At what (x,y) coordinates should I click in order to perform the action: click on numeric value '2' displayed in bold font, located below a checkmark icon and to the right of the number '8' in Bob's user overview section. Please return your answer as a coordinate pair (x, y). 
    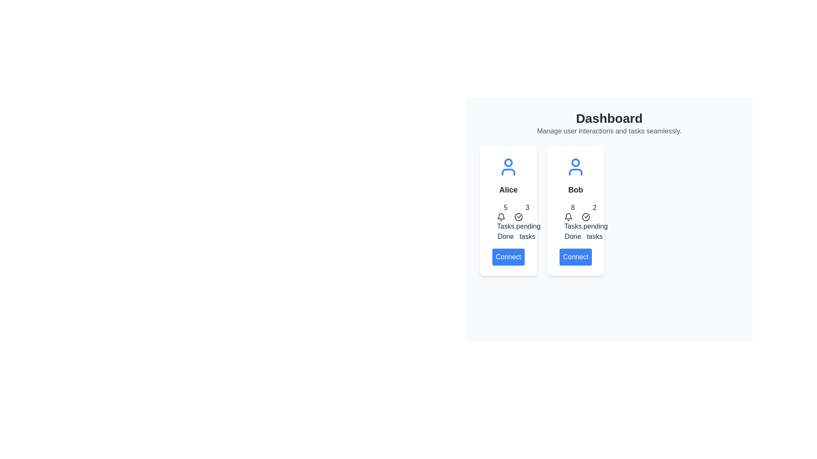
    Looking at the image, I should click on (594, 208).